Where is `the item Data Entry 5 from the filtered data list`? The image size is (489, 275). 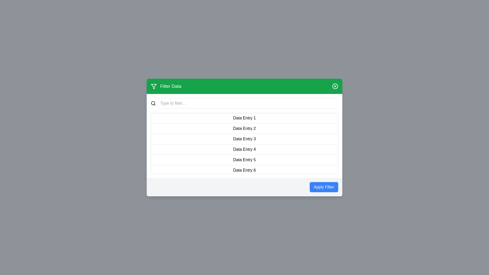 the item Data Entry 5 from the filtered data list is located at coordinates (244, 160).